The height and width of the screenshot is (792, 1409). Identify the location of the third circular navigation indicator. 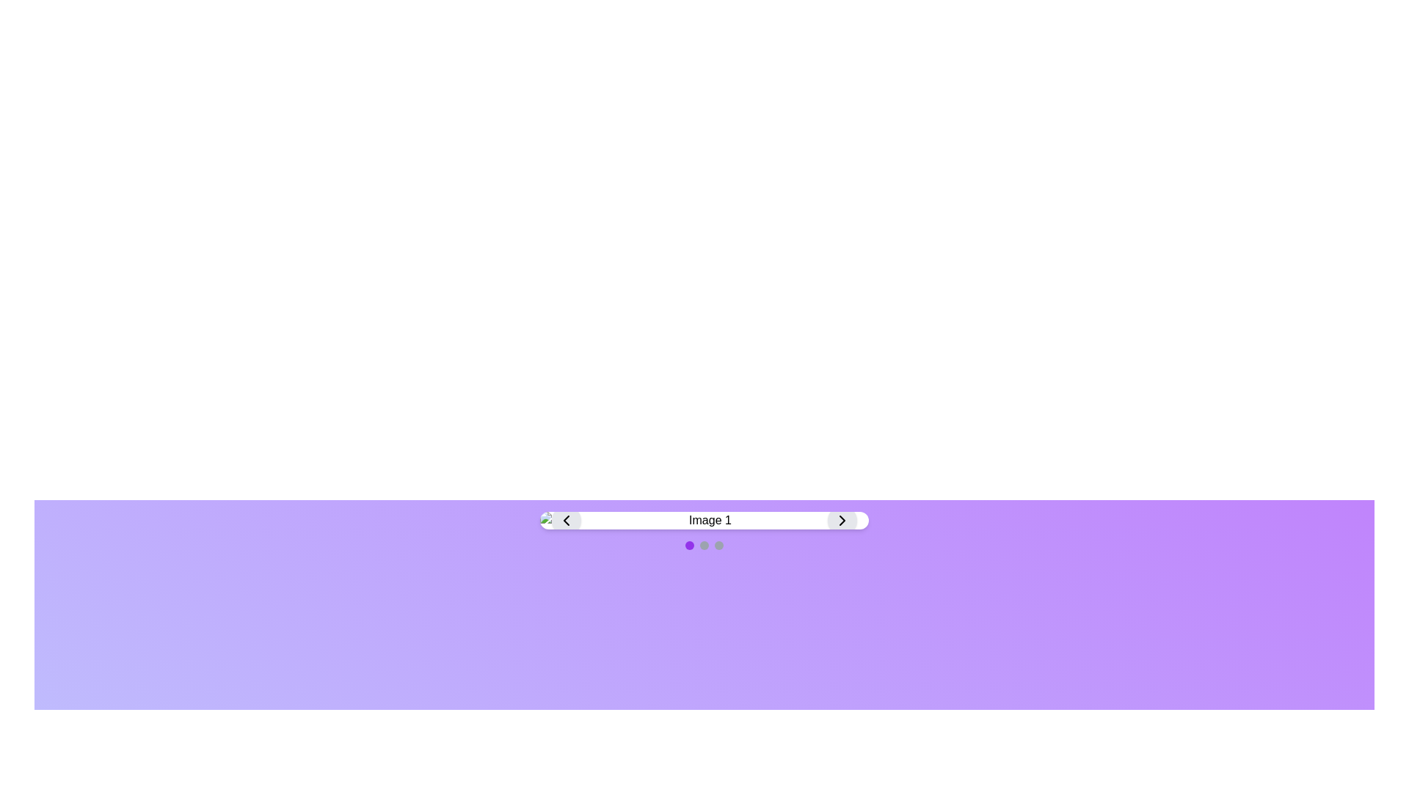
(718, 546).